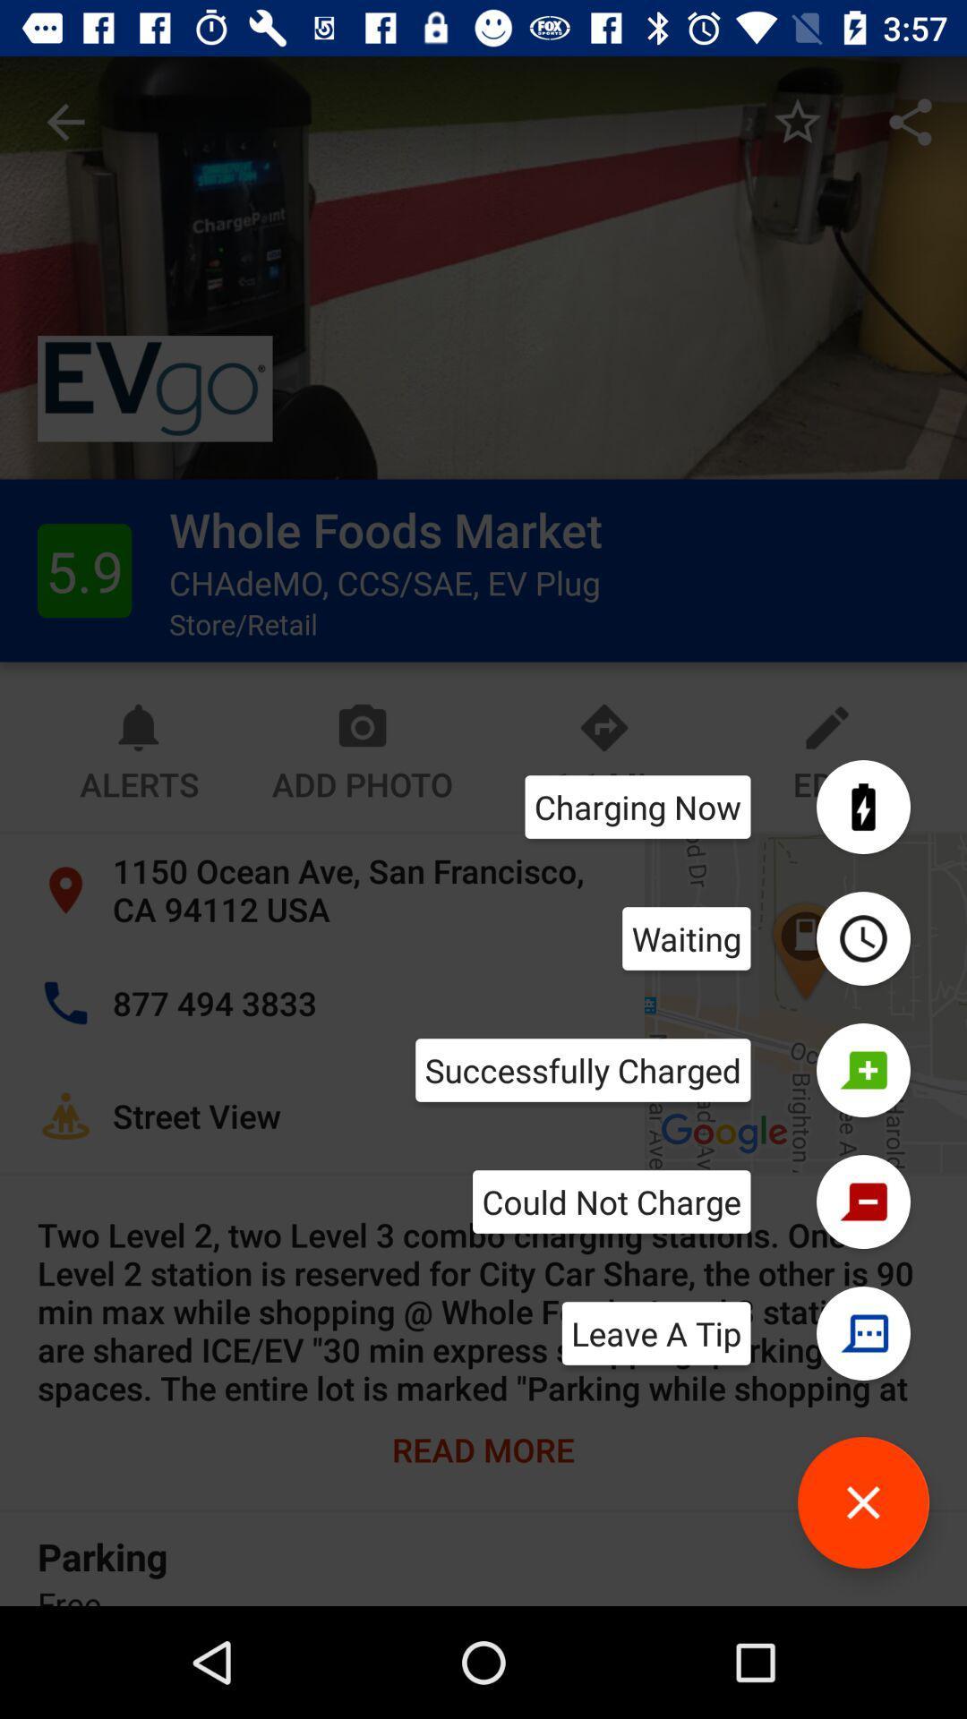 The width and height of the screenshot is (967, 1719). I want to click on the successfully charged icon, so click(583, 1070).